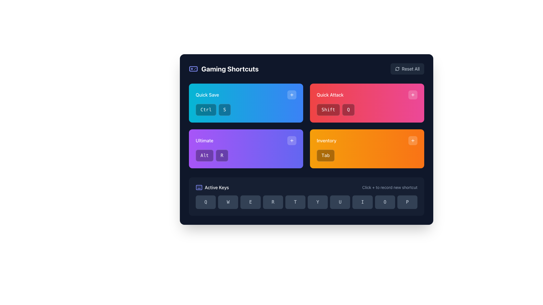 This screenshot has height=305, width=543. What do you see at coordinates (413, 94) in the screenshot?
I see `the 'Add' button located in the top-right corner of the 'Quick Attack' card` at bounding box center [413, 94].